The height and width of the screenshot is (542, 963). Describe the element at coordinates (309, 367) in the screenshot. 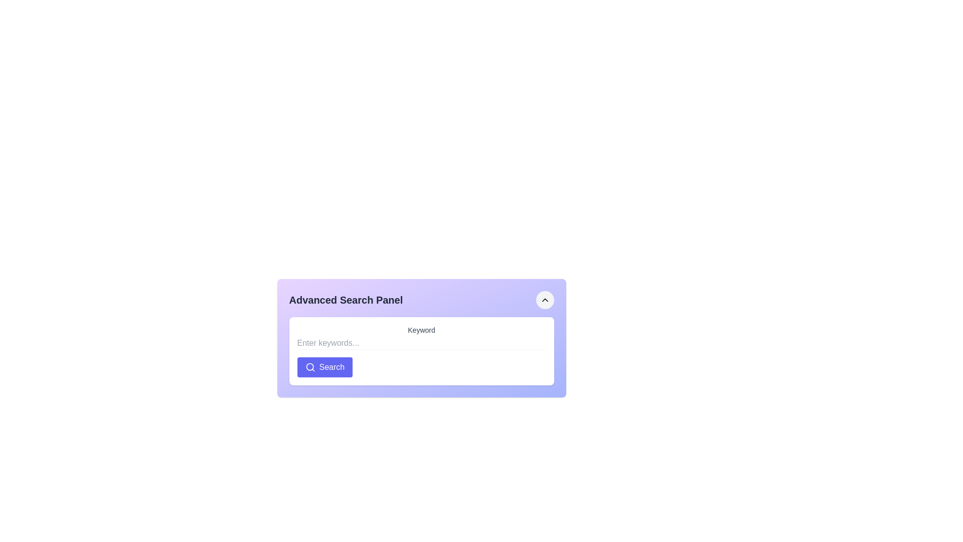

I see `the circular magnifying glass icon, which is part of the 'Search' button with a blue background, located below the text box in the advanced search panel` at that location.